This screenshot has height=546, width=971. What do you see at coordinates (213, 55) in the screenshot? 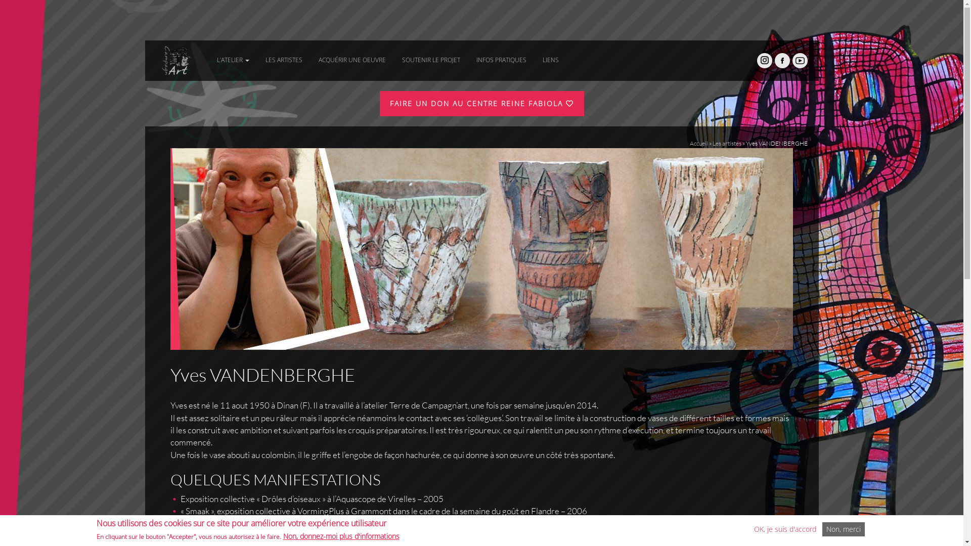
I see `'L'ATELIER'` at bounding box center [213, 55].